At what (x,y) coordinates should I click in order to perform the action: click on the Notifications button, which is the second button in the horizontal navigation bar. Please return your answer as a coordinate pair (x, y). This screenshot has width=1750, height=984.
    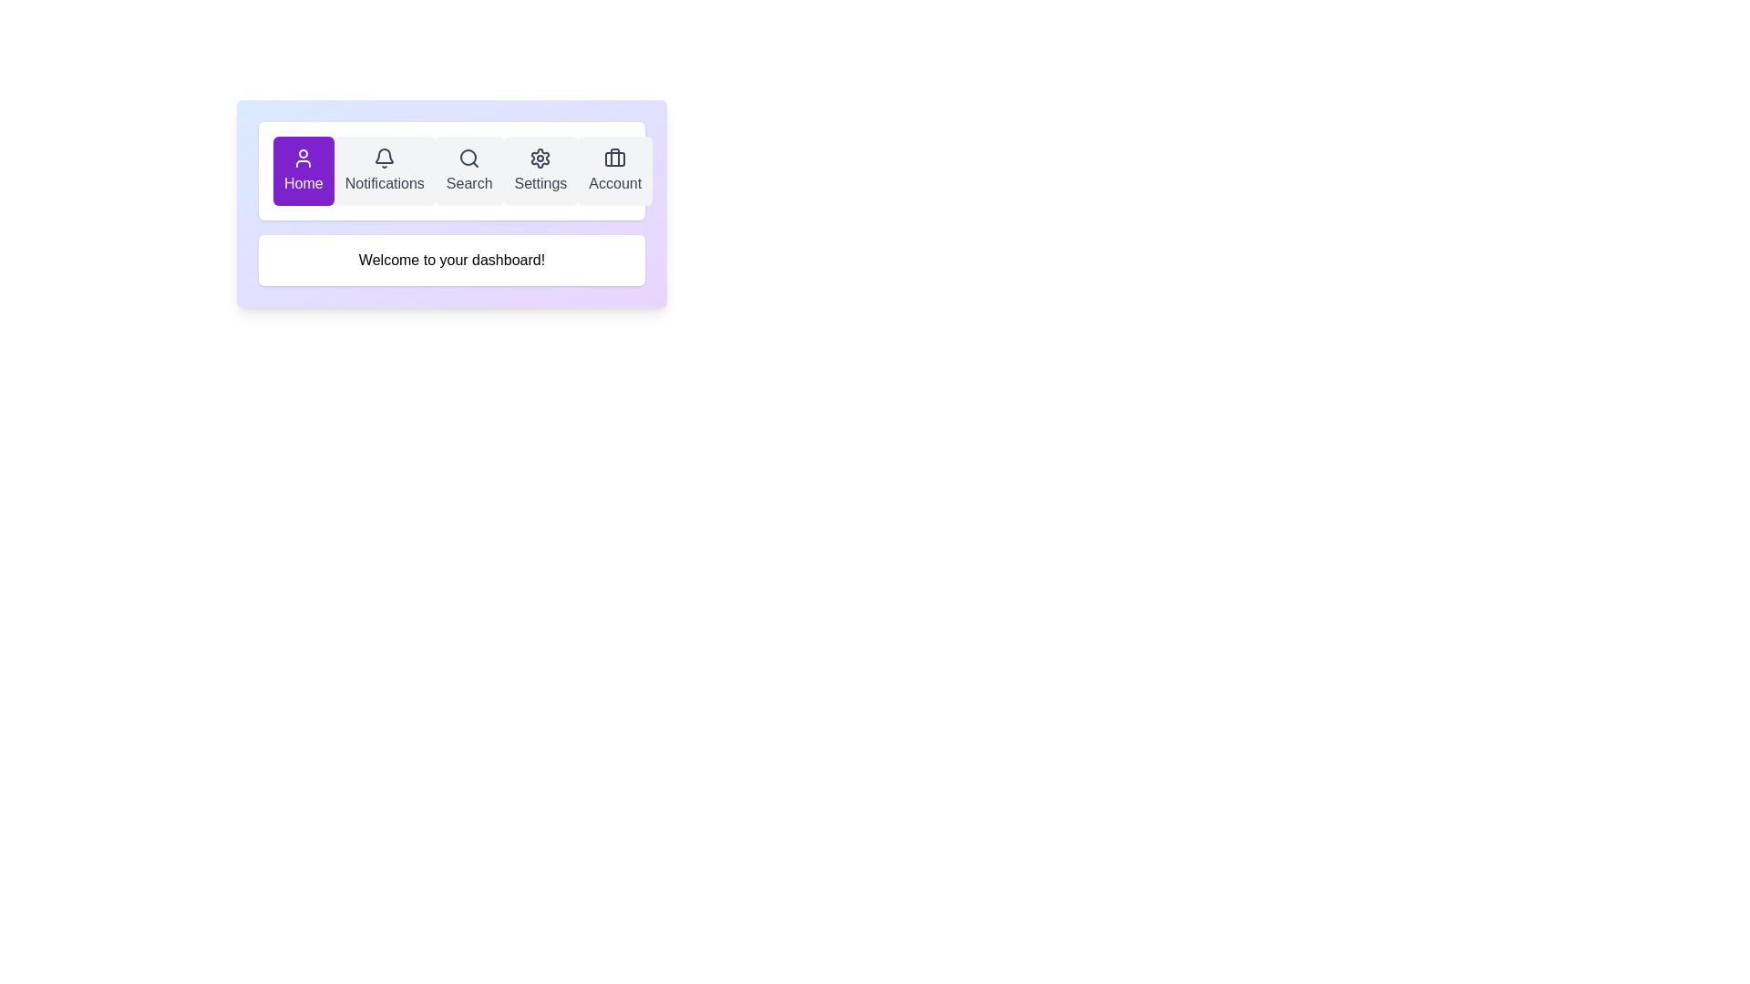
    Looking at the image, I should click on (384, 171).